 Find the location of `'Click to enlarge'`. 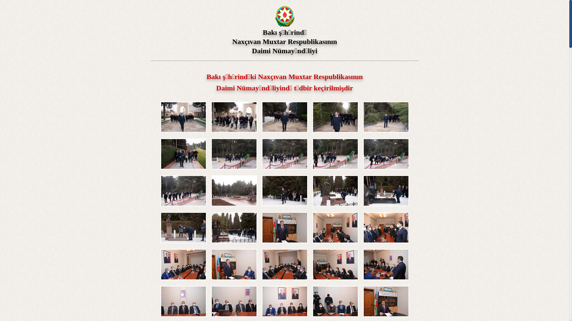

'Click to enlarge' is located at coordinates (160, 153).